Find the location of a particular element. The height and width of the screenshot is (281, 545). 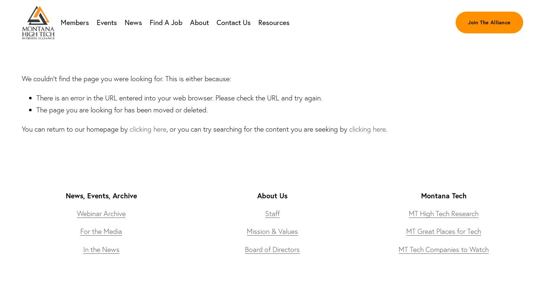

'You can return to our homepage by' is located at coordinates (75, 129).